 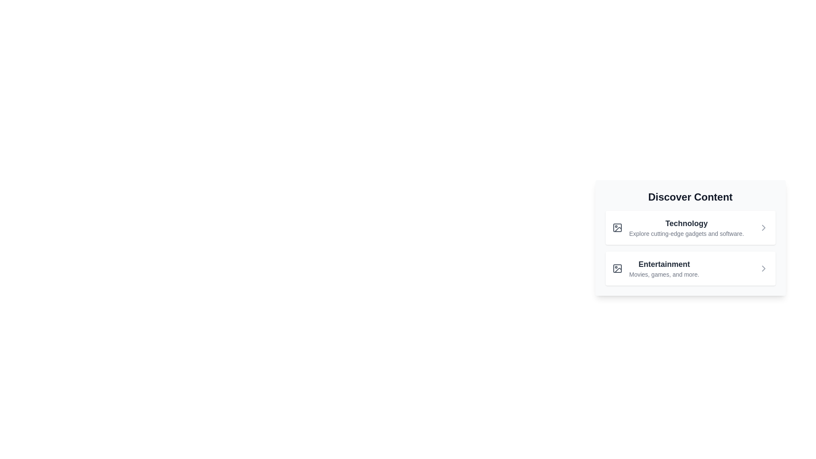 What do you see at coordinates (664, 274) in the screenshot?
I see `the text label reading 'Movies, games, and more.' which is styled in small gray font and located under the 'Entertainment' heading within the content card` at bounding box center [664, 274].